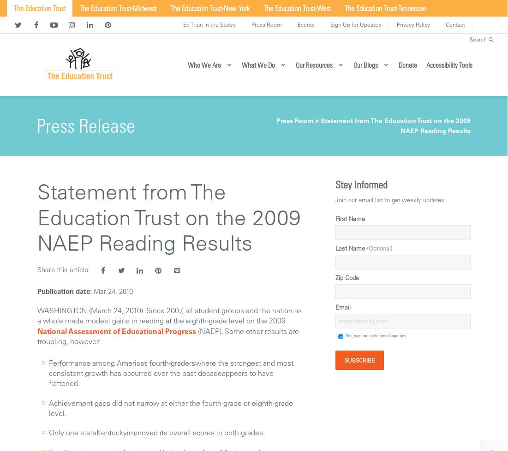  Describe the element at coordinates (379, 247) in the screenshot. I see `'(Optional)'` at that location.